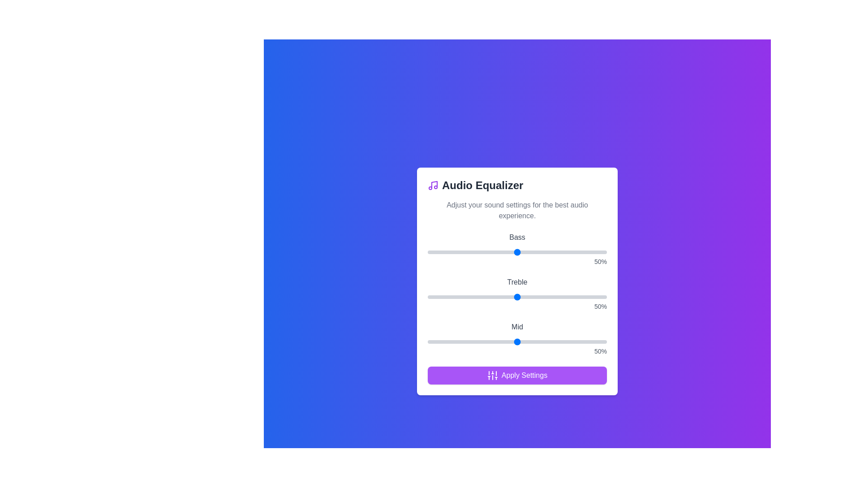 This screenshot has height=484, width=860. I want to click on the treble slider to 63%, so click(540, 297).